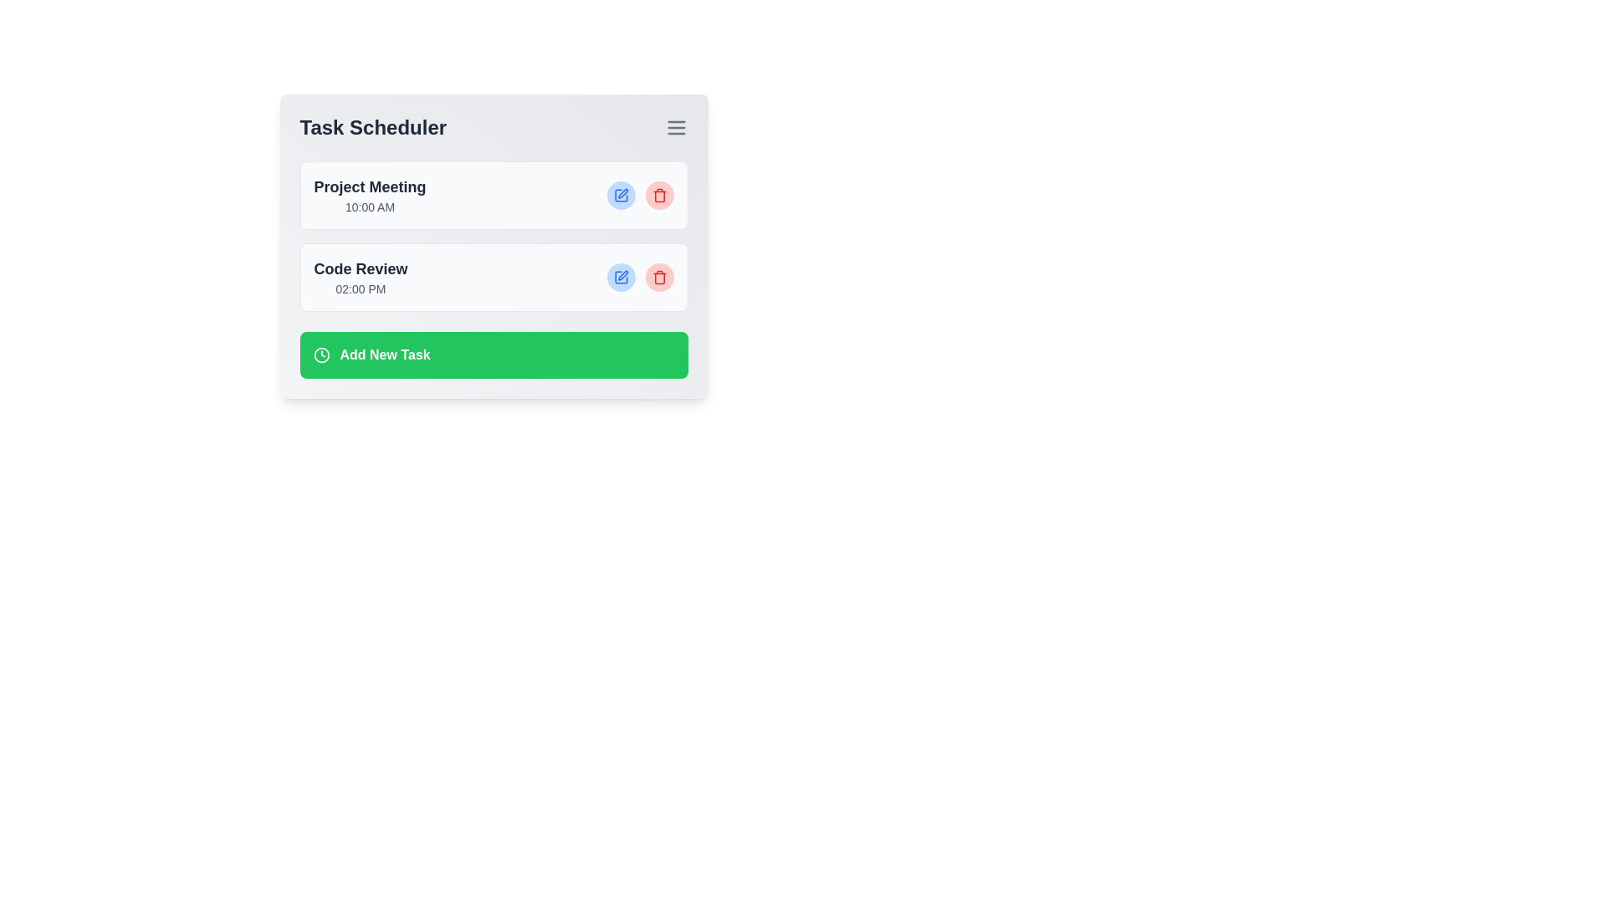 The height and width of the screenshot is (903, 1606). Describe the element at coordinates (658, 276) in the screenshot. I see `the circular red button with a trash can icon` at that location.